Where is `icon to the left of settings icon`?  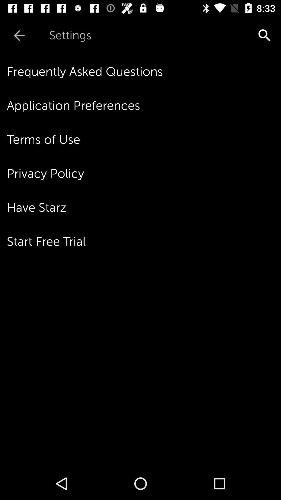
icon to the left of settings icon is located at coordinates (19, 35).